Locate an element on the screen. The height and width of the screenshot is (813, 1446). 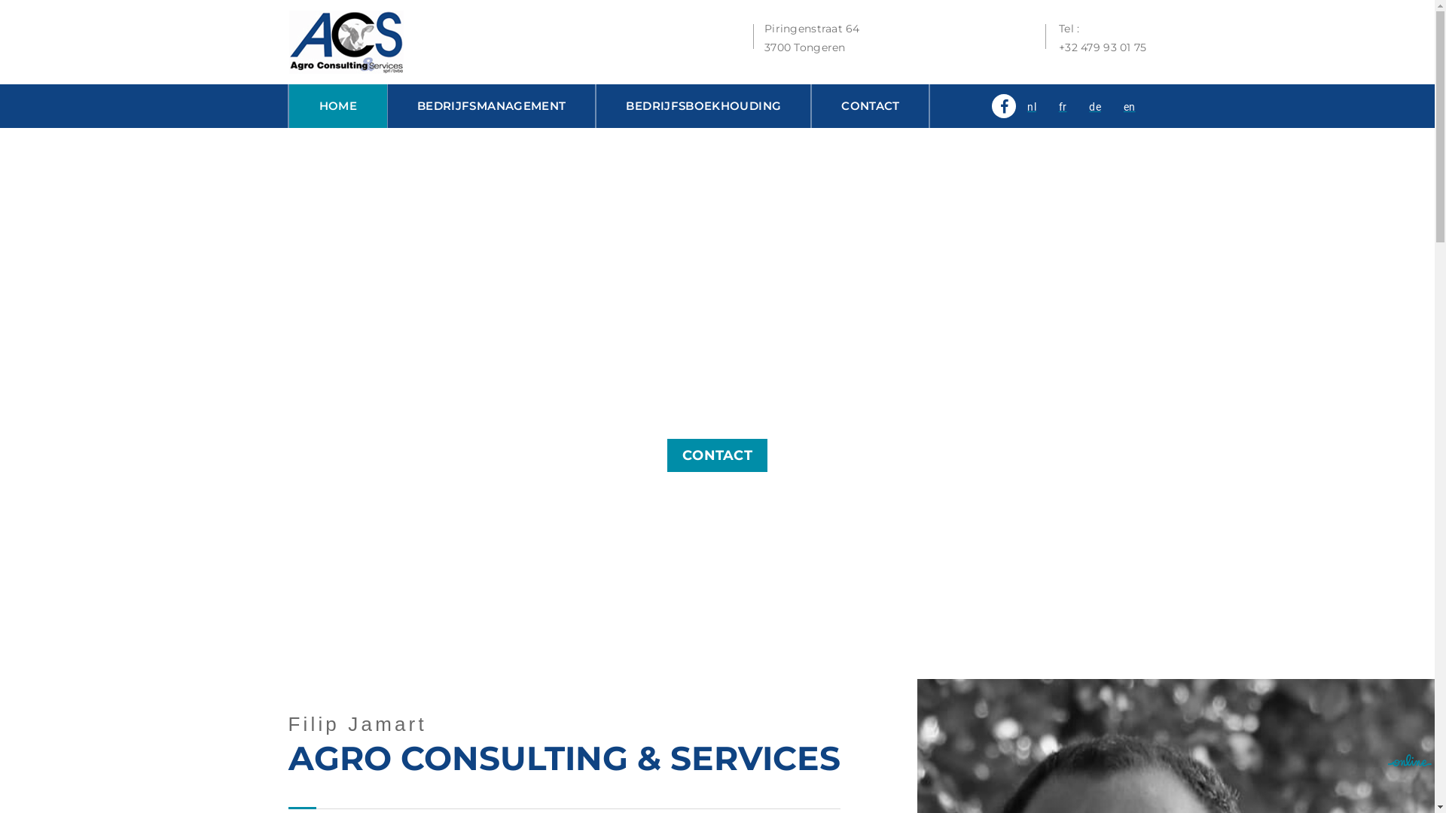
'fr' is located at coordinates (1062, 106).